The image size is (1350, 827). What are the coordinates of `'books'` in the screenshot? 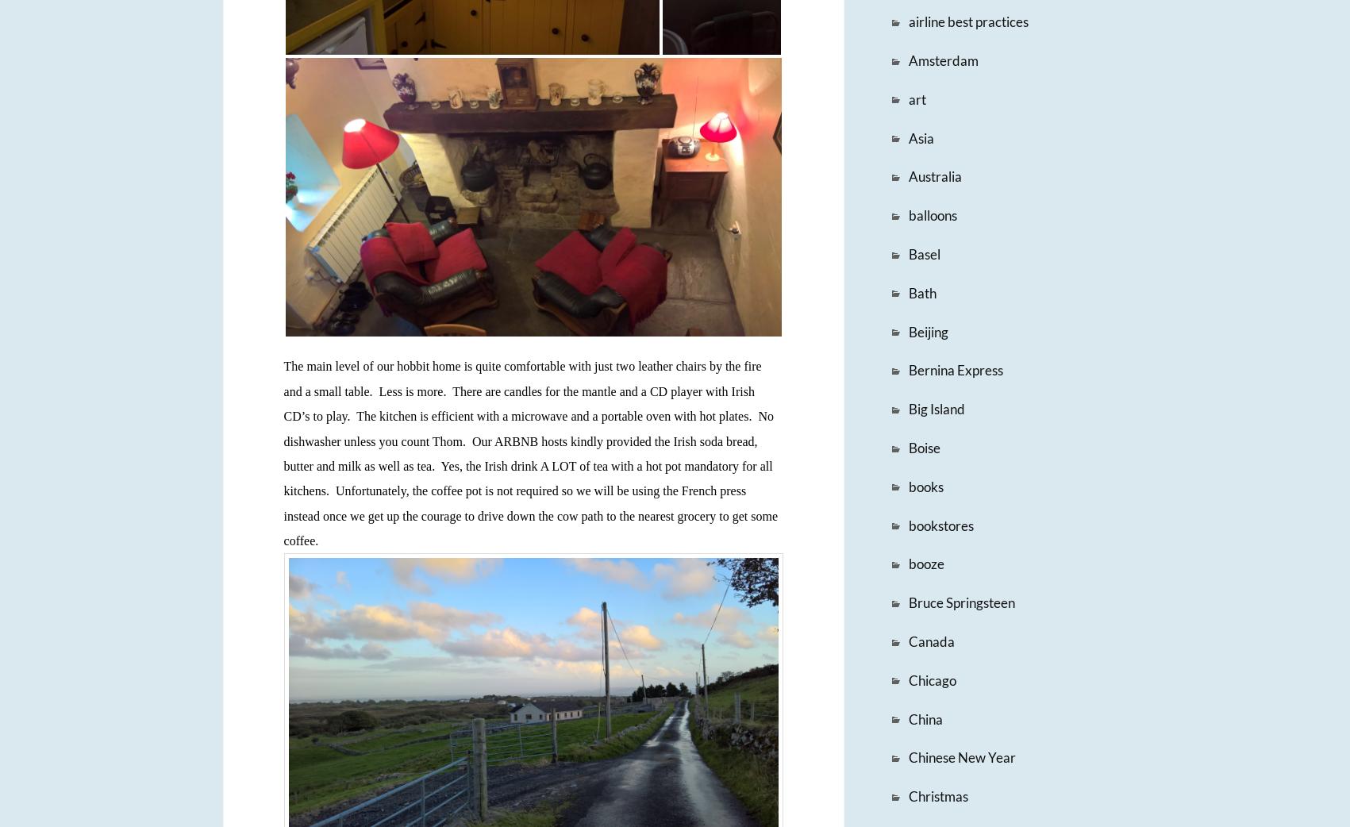 It's located at (925, 486).